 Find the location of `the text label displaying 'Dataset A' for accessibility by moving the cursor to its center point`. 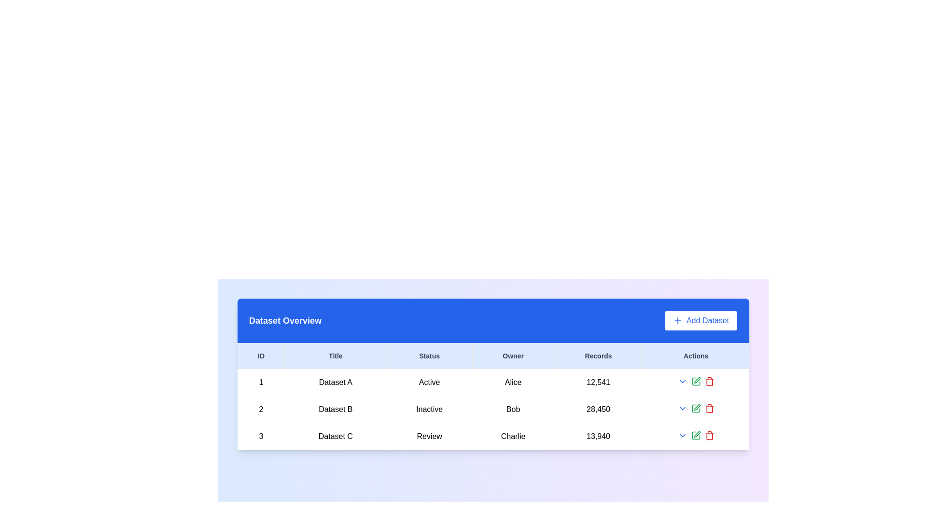

the text label displaying 'Dataset A' for accessibility by moving the cursor to its center point is located at coordinates (336, 382).